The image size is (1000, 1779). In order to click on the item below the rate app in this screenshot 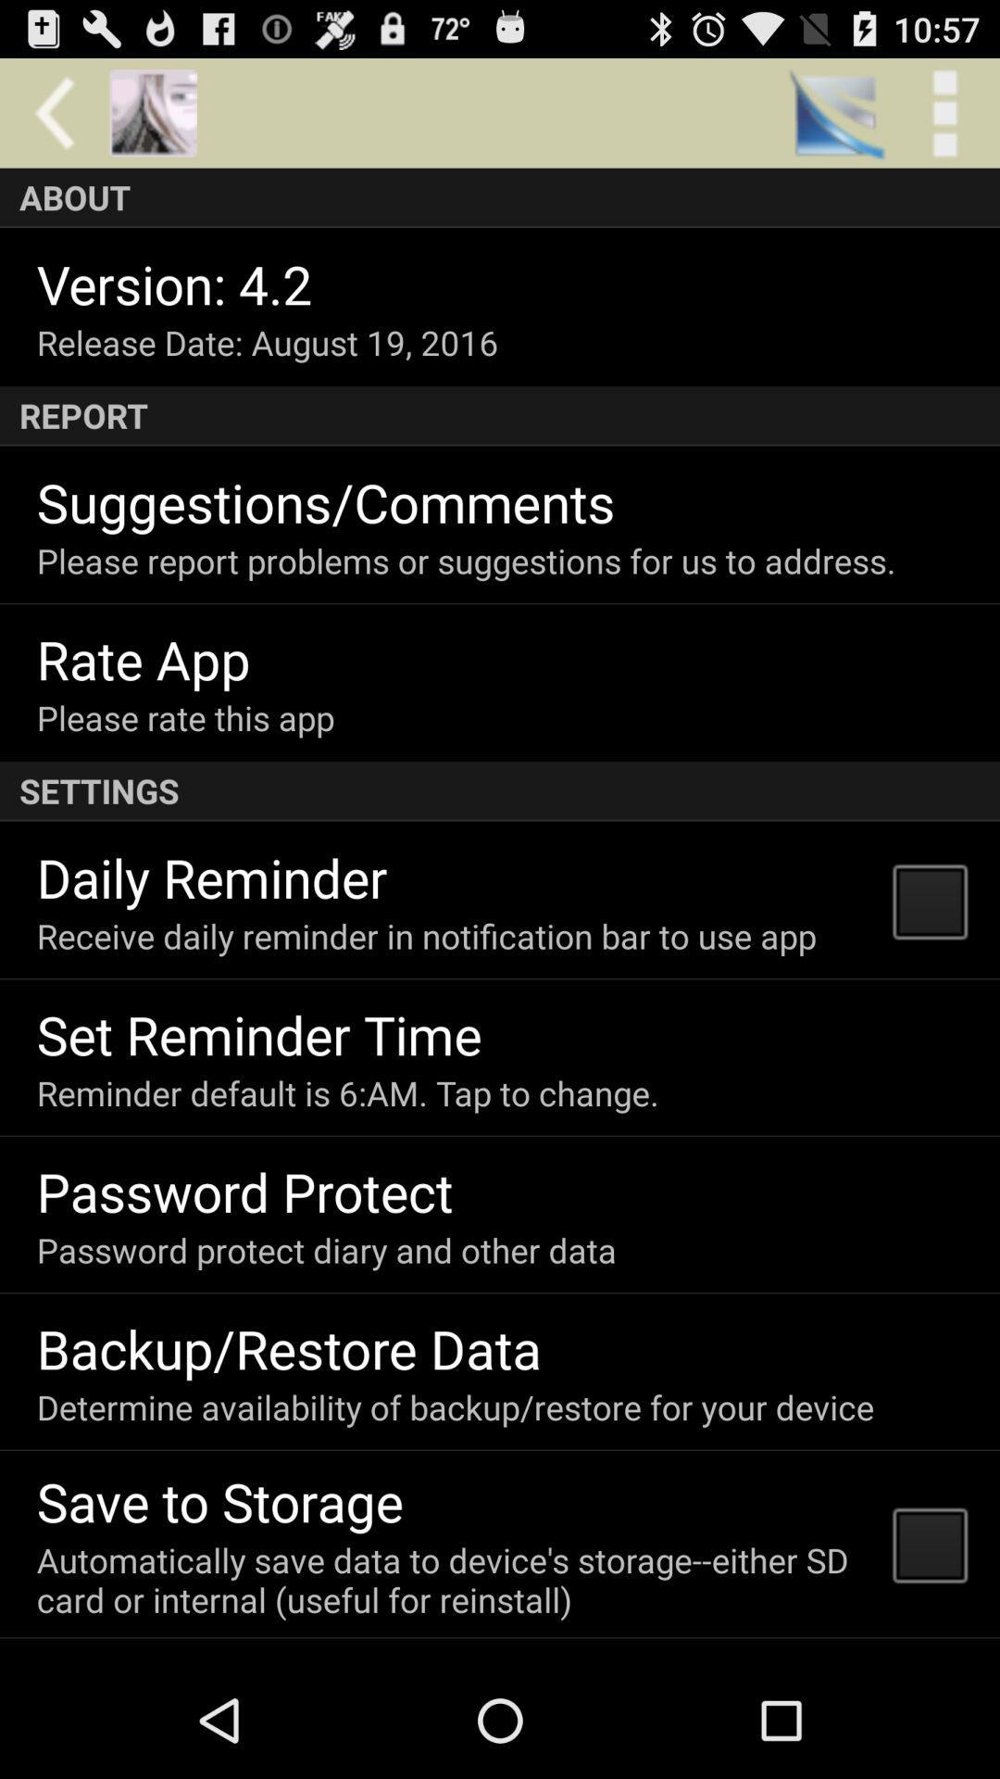, I will do `click(185, 716)`.